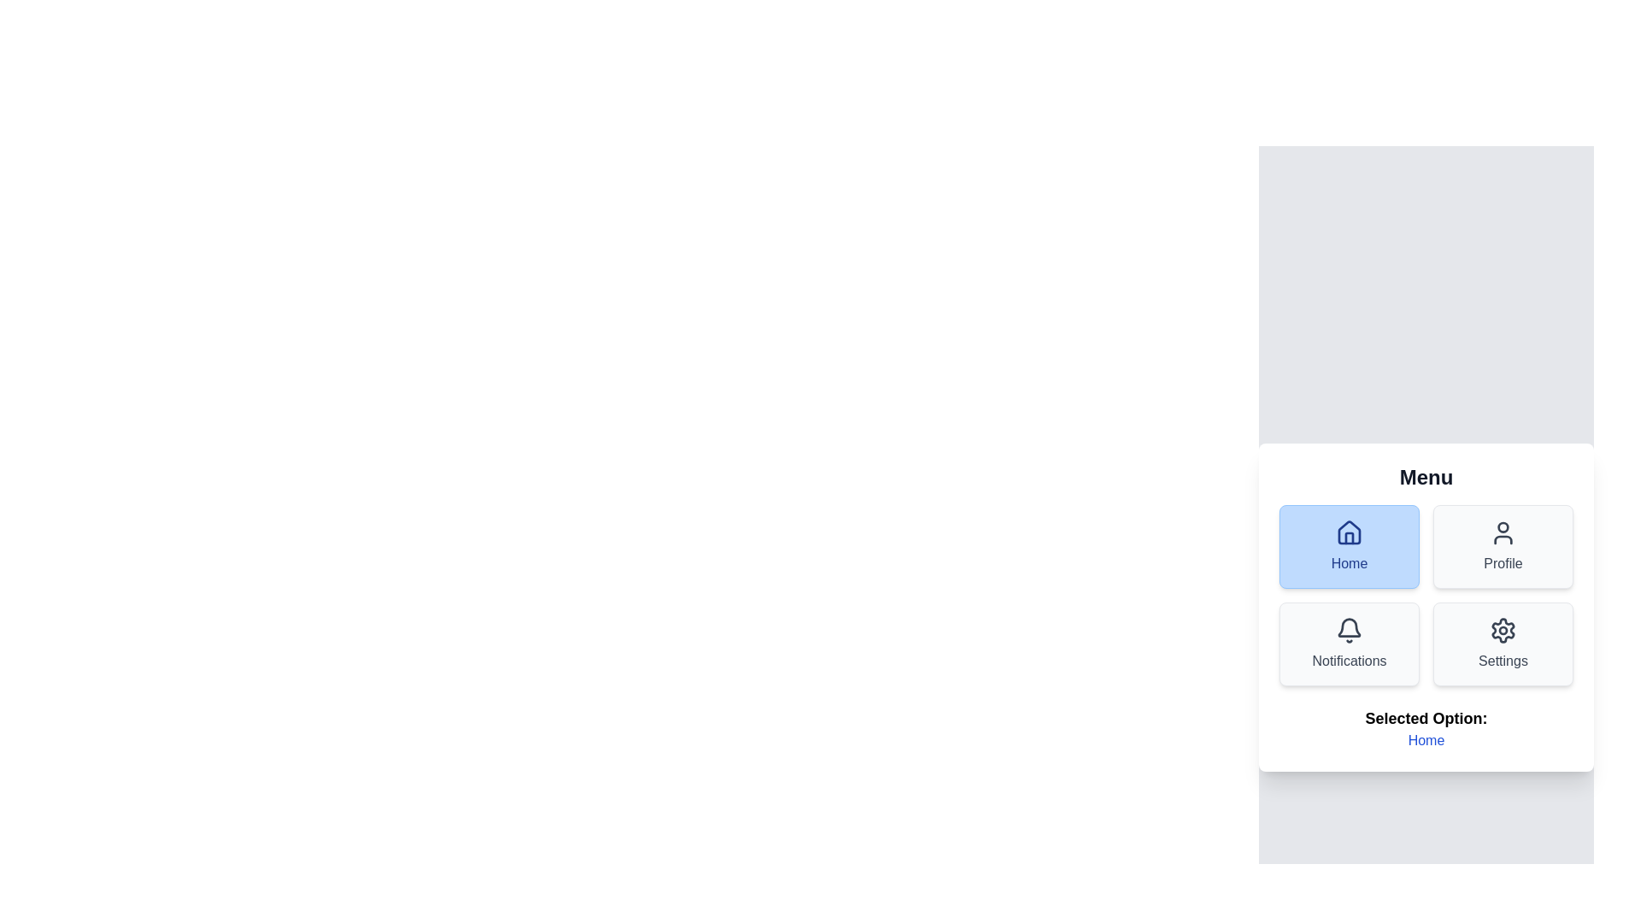 The height and width of the screenshot is (923, 1641). What do you see at coordinates (1502, 547) in the screenshot?
I see `the menu option Profile` at bounding box center [1502, 547].